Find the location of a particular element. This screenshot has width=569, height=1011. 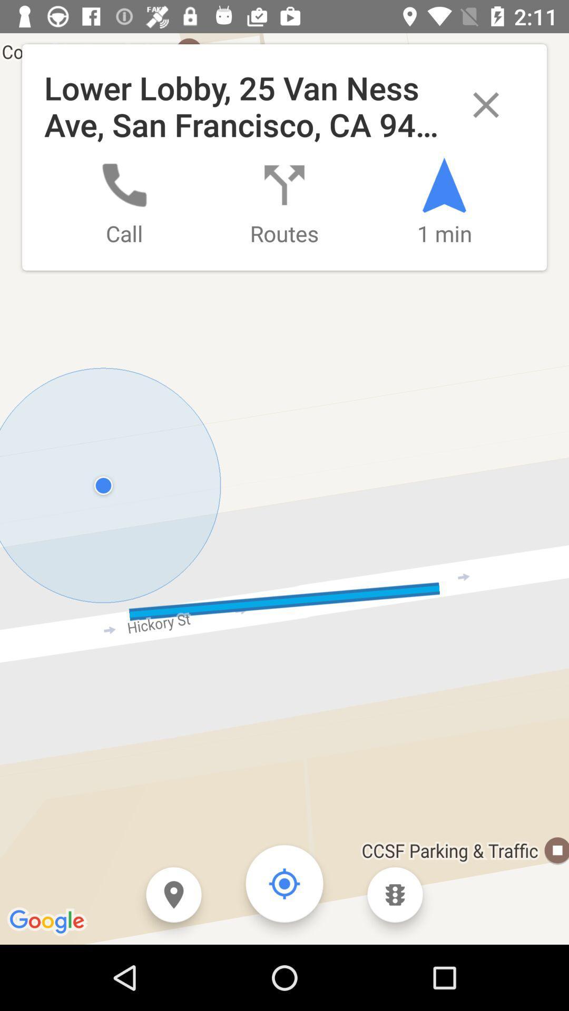

the location_crosshair icon is located at coordinates (284, 884).